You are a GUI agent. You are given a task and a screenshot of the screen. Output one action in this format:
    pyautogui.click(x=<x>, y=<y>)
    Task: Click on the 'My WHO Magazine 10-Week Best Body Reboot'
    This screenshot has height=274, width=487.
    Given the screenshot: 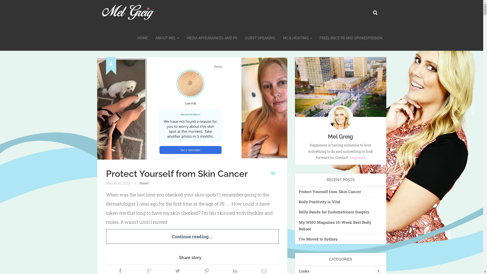 What is the action you would take?
    pyautogui.click(x=341, y=225)
    